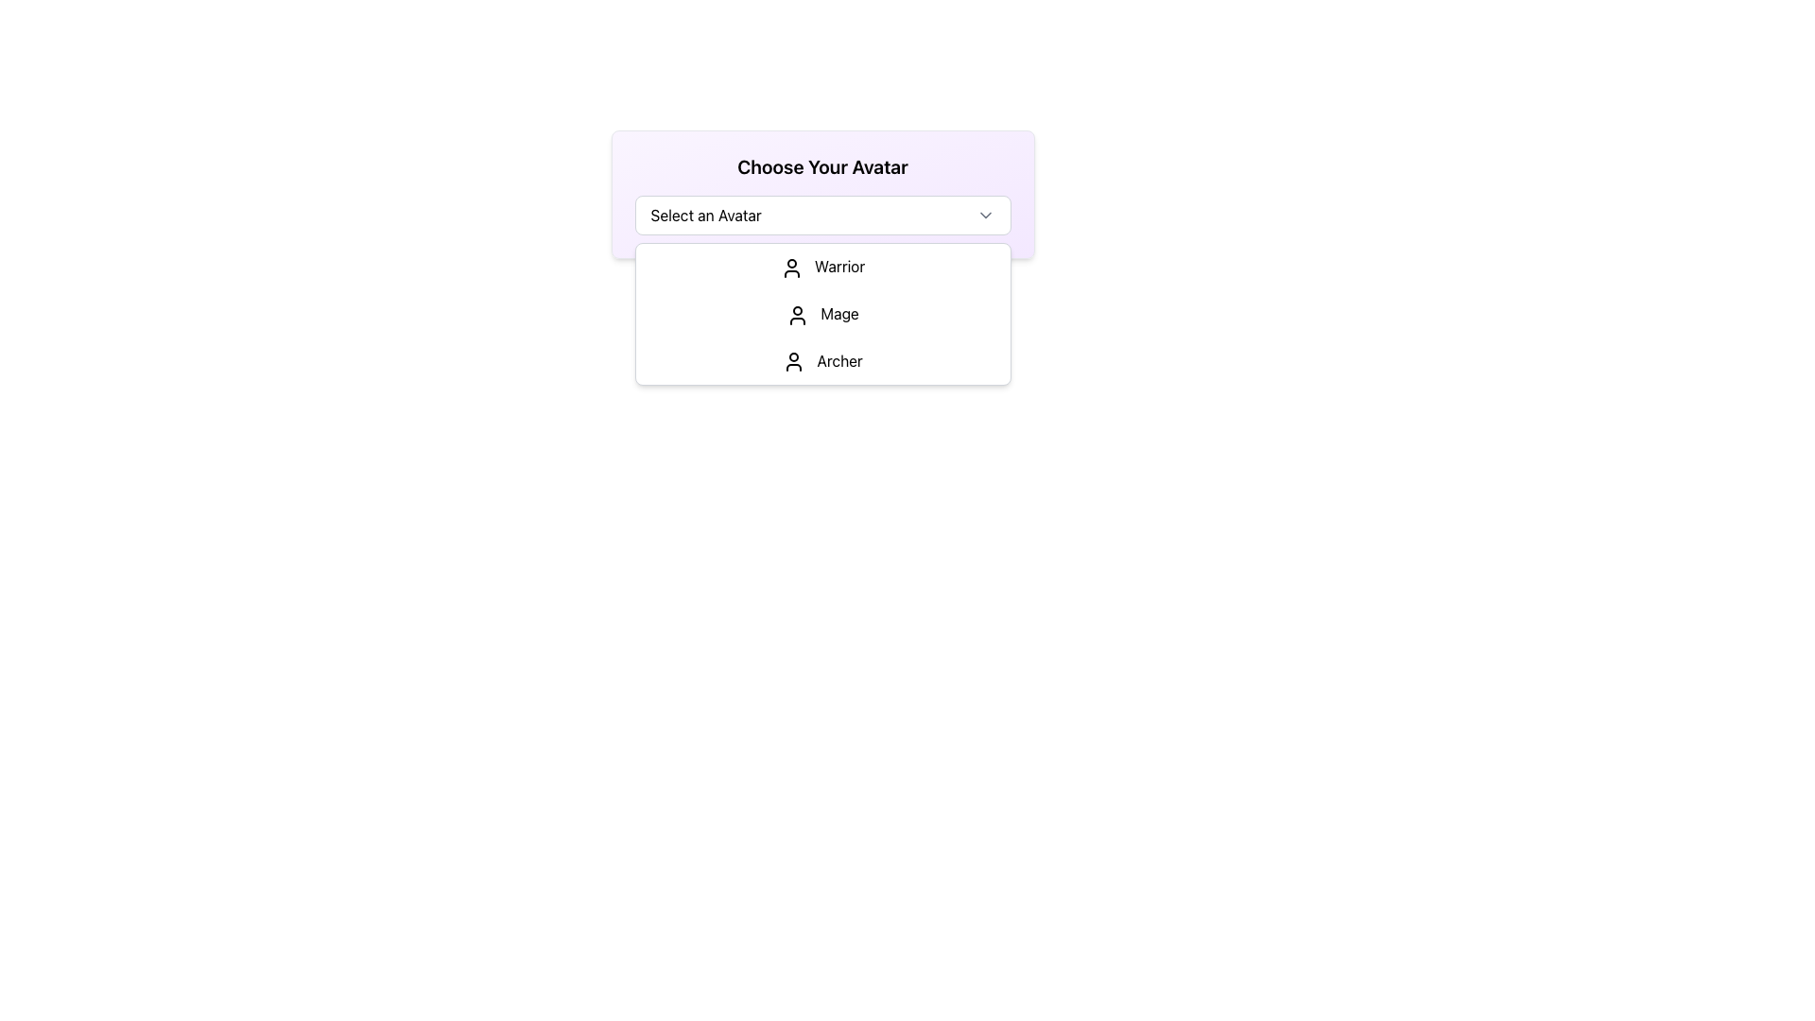 The width and height of the screenshot is (1815, 1021). I want to click on the stylized user icon representing the 'Archer' avatar in the dropdown menu, so click(794, 362).